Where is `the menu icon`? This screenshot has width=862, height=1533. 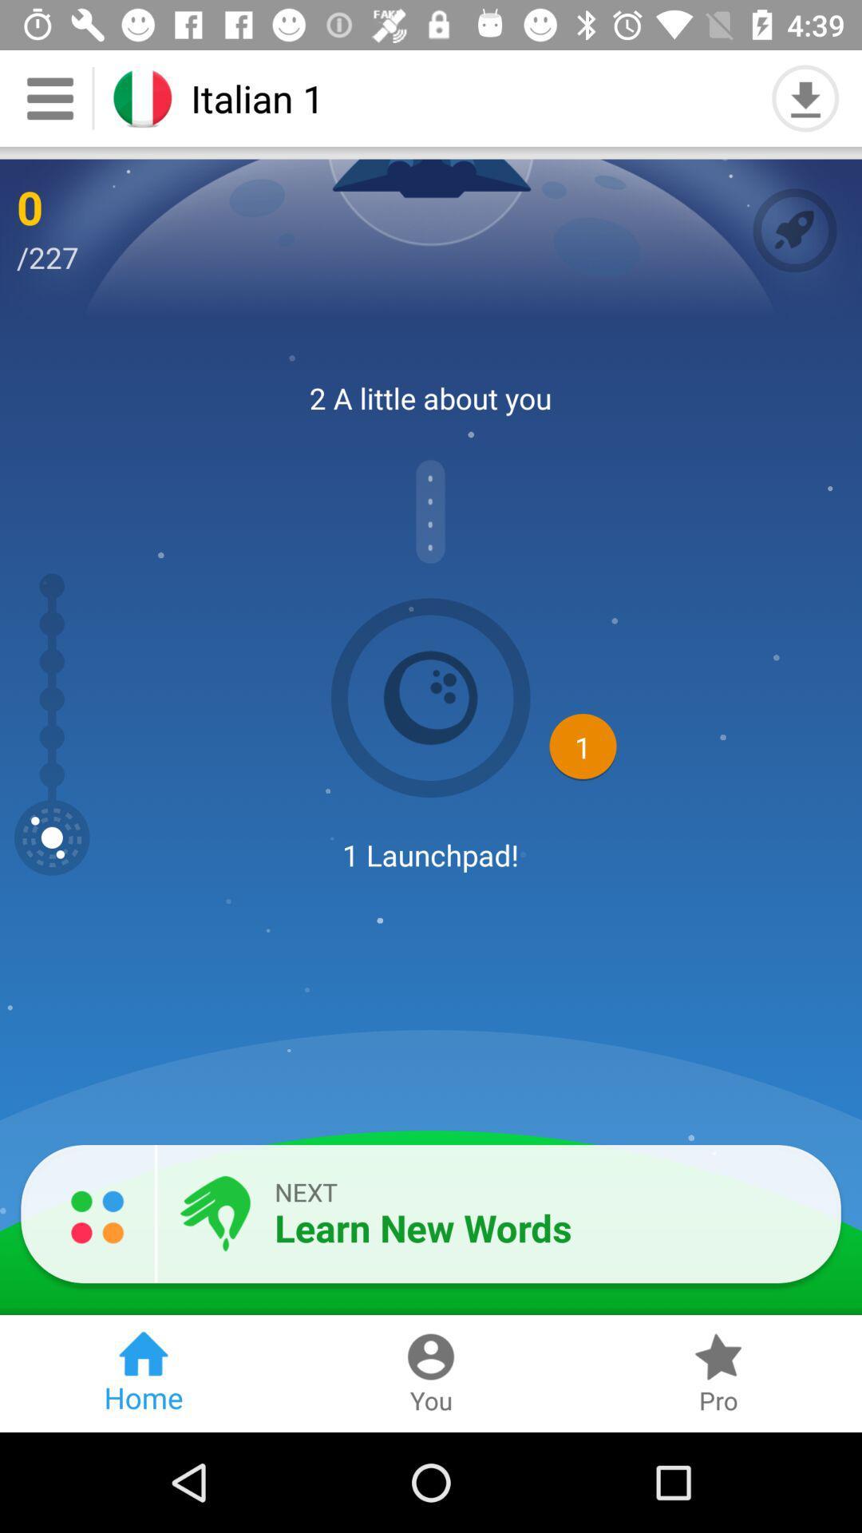
the menu icon is located at coordinates (45, 97).